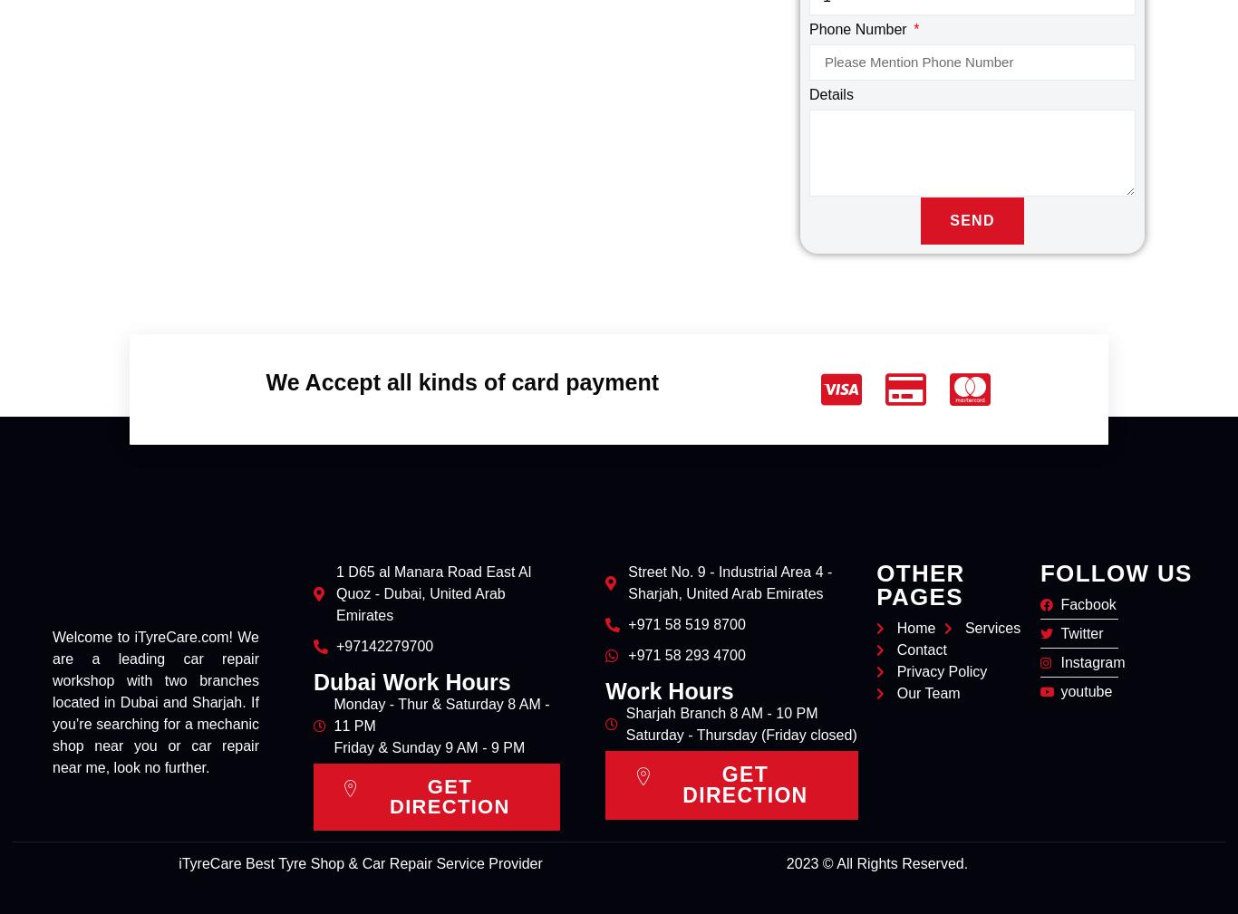  What do you see at coordinates (686, 623) in the screenshot?
I see `'+971 58 519 8700'` at bounding box center [686, 623].